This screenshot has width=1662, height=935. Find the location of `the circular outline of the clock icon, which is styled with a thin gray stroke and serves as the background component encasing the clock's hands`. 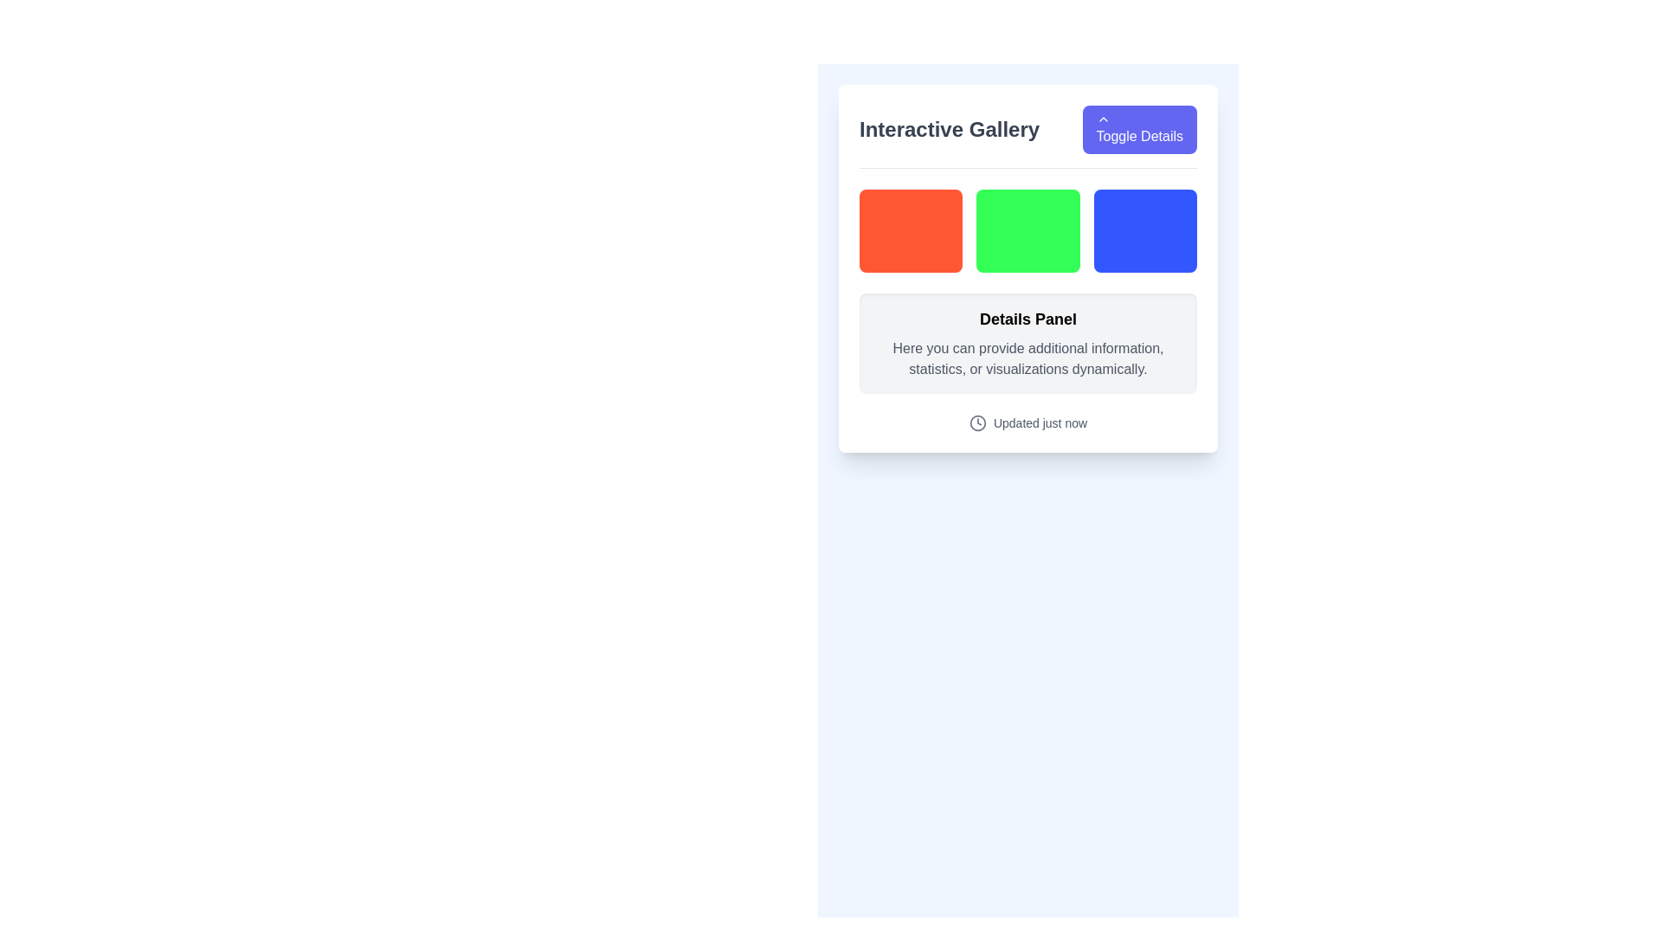

the circular outline of the clock icon, which is styled with a thin gray stroke and serves as the background component encasing the clock's hands is located at coordinates (977, 423).